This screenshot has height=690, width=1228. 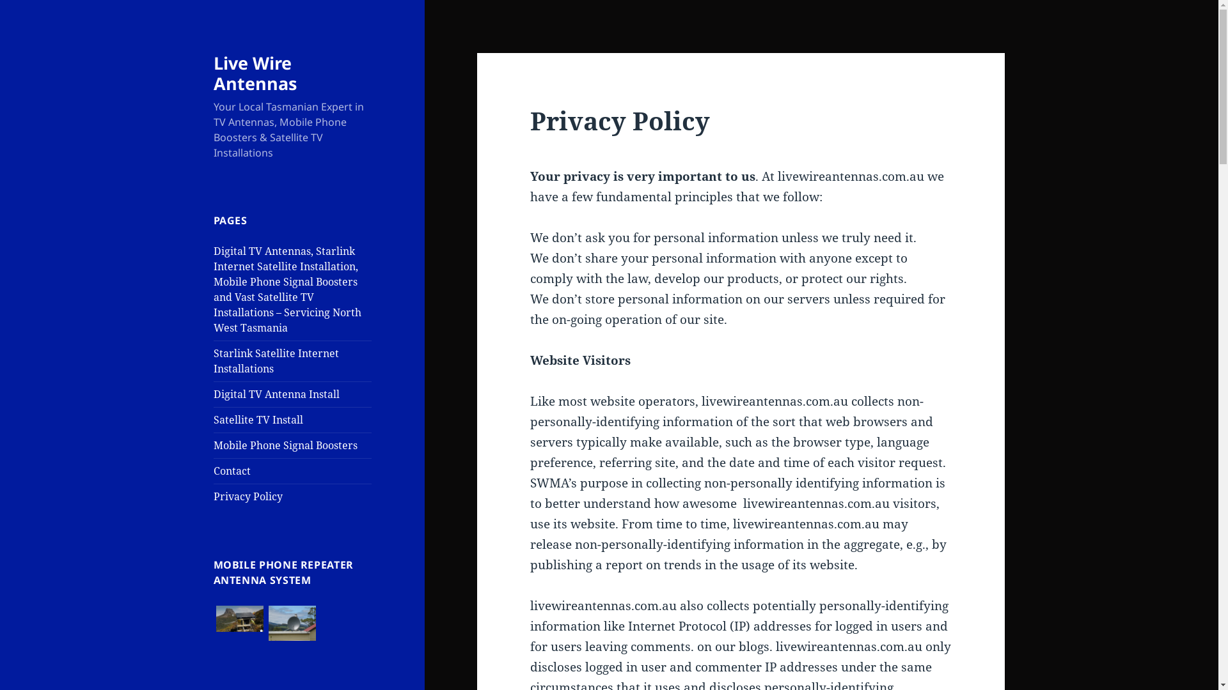 I want to click on 'Digital TV Antenna Install', so click(x=276, y=394).